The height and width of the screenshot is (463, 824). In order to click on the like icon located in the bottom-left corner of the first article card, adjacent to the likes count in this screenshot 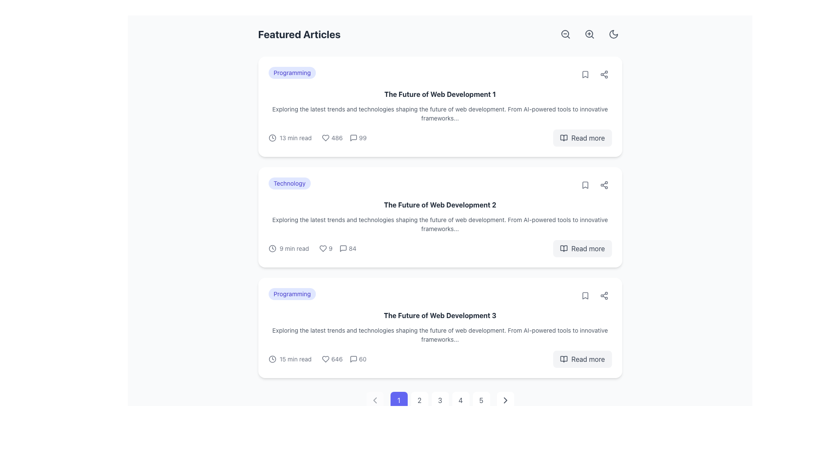, I will do `click(325, 137)`.